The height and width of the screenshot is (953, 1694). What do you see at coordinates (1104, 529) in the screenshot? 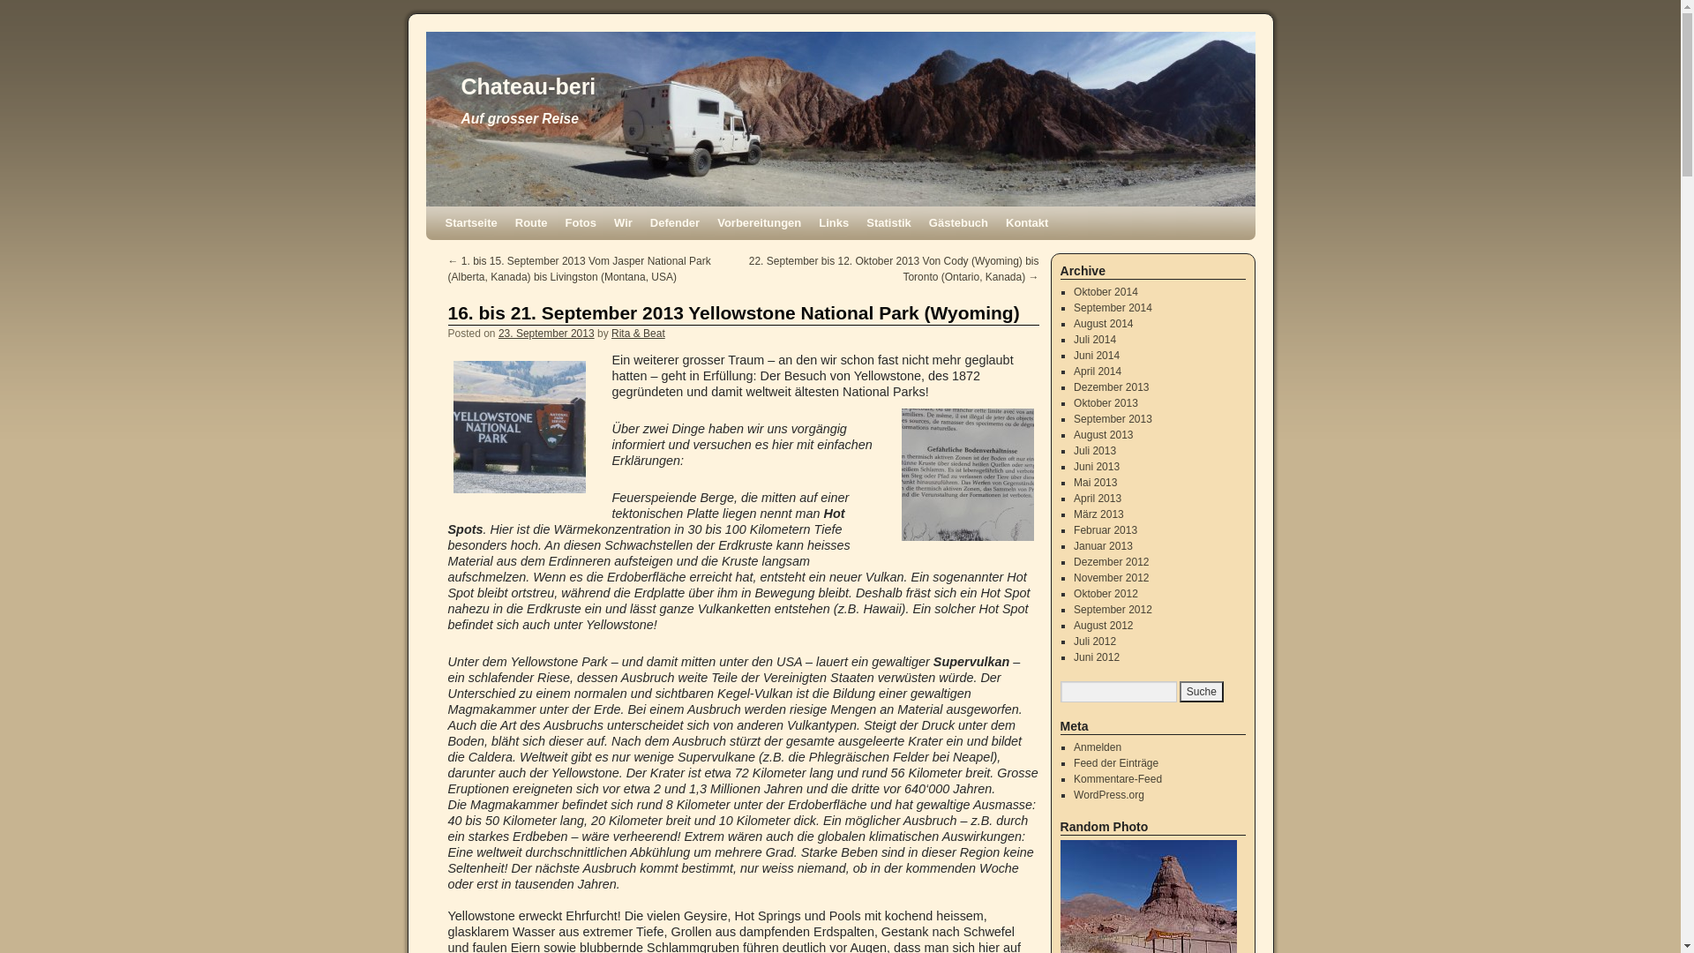
I see `'Februar 2013'` at bounding box center [1104, 529].